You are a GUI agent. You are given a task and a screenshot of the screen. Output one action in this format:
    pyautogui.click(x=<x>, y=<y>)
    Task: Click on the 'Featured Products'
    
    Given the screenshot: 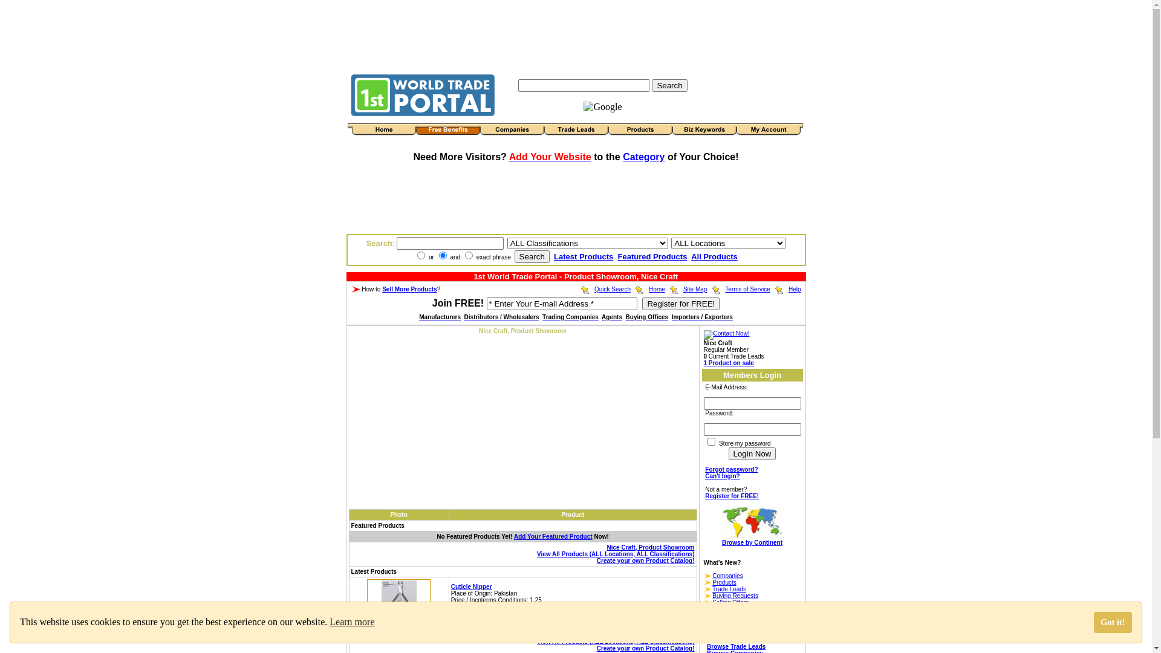 What is the action you would take?
    pyautogui.click(x=652, y=256)
    